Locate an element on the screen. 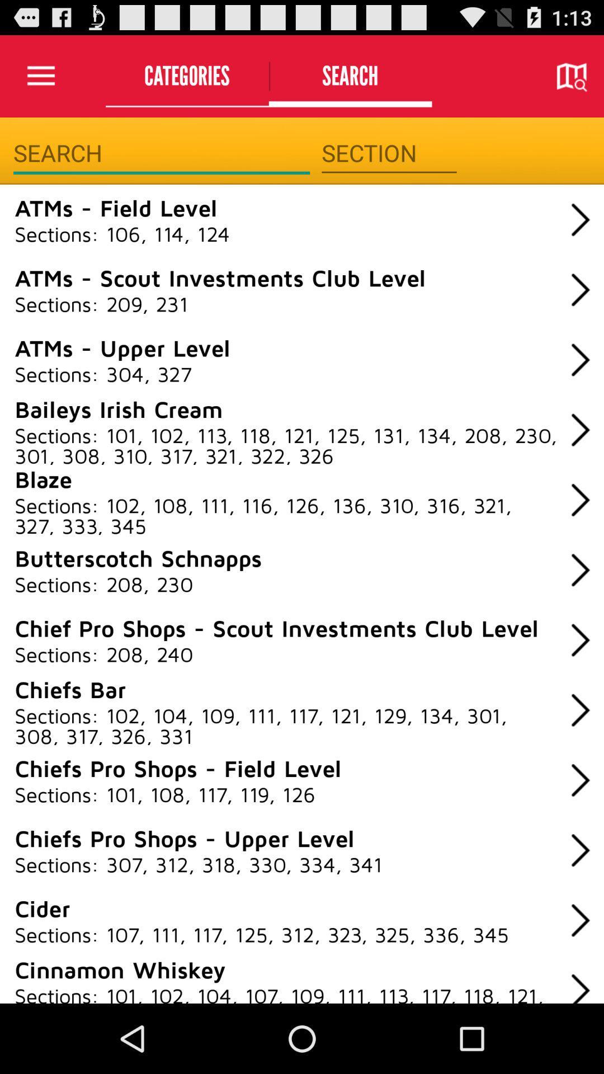  icon below the sections: 304, 327 item is located at coordinates (119, 408).